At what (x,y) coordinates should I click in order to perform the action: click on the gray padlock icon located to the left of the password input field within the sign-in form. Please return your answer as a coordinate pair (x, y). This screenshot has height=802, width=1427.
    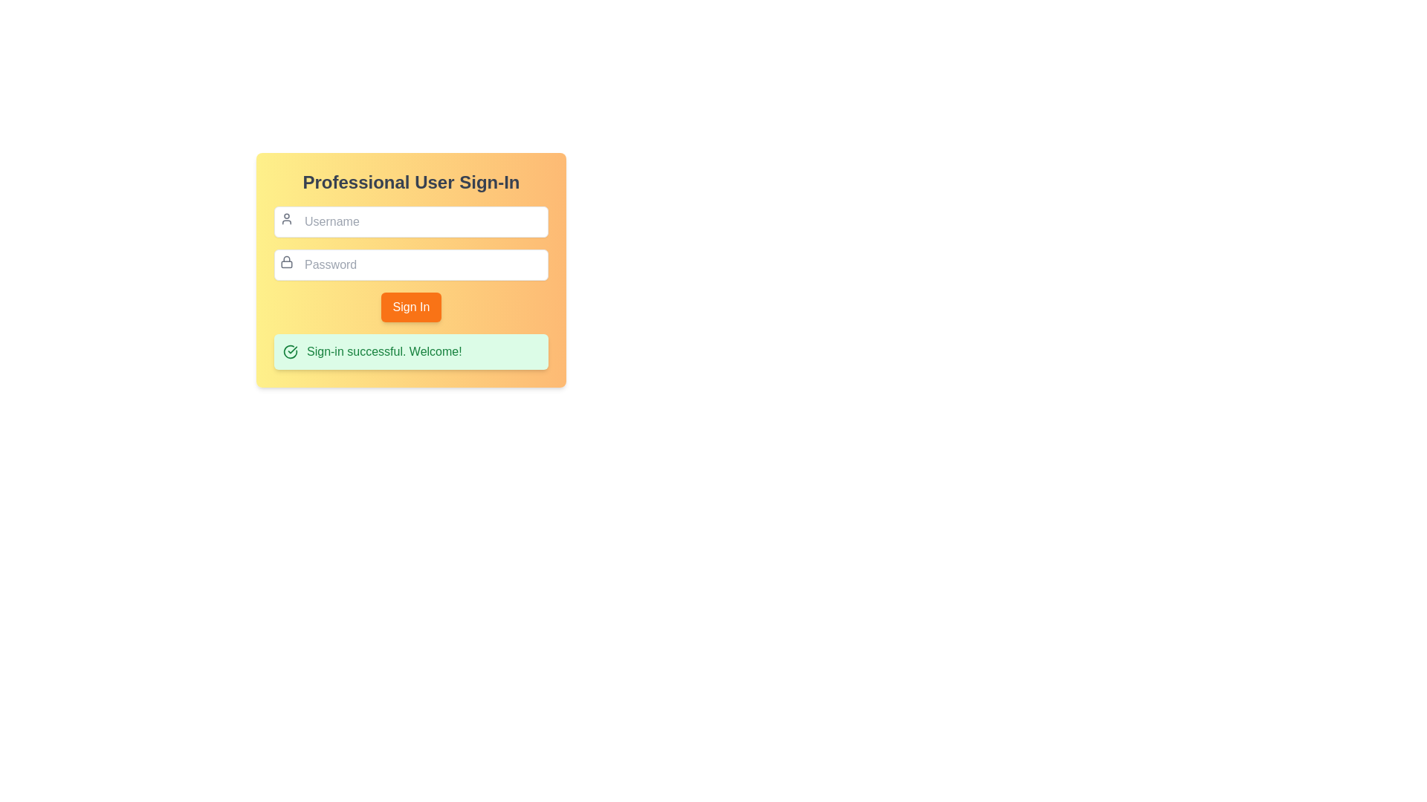
    Looking at the image, I should click on (286, 261).